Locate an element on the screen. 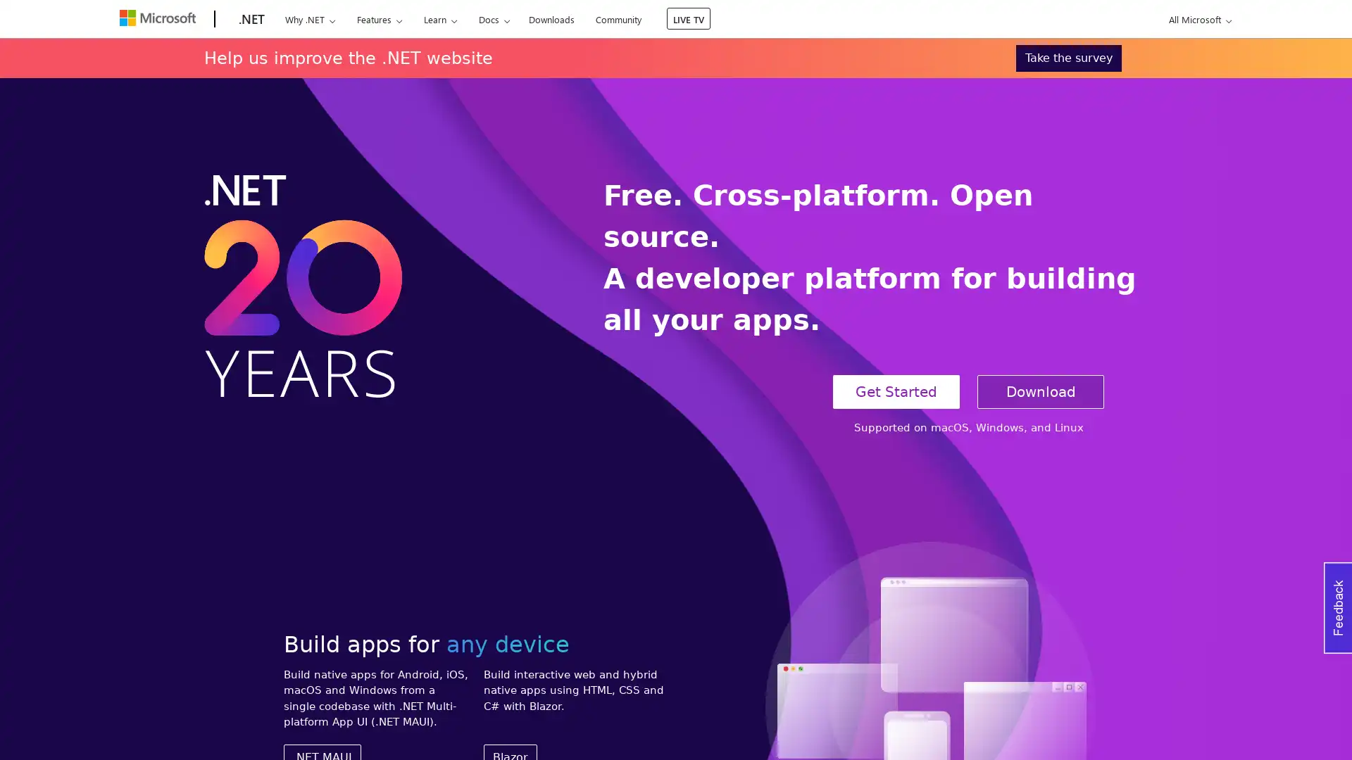 This screenshot has width=1352, height=760. Learn is located at coordinates (439, 19).